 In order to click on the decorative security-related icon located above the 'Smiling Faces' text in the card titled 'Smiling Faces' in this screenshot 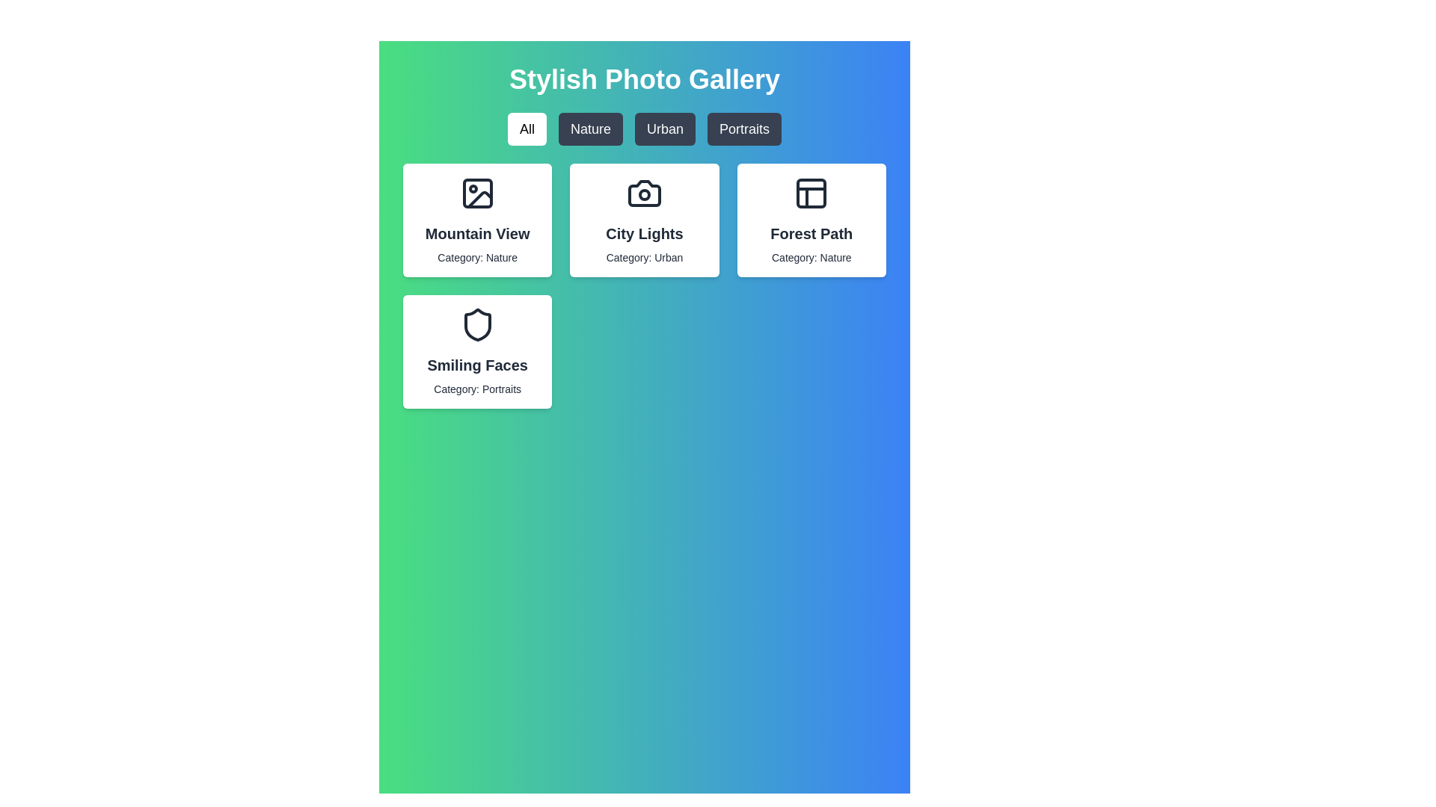, I will do `click(476, 324)`.